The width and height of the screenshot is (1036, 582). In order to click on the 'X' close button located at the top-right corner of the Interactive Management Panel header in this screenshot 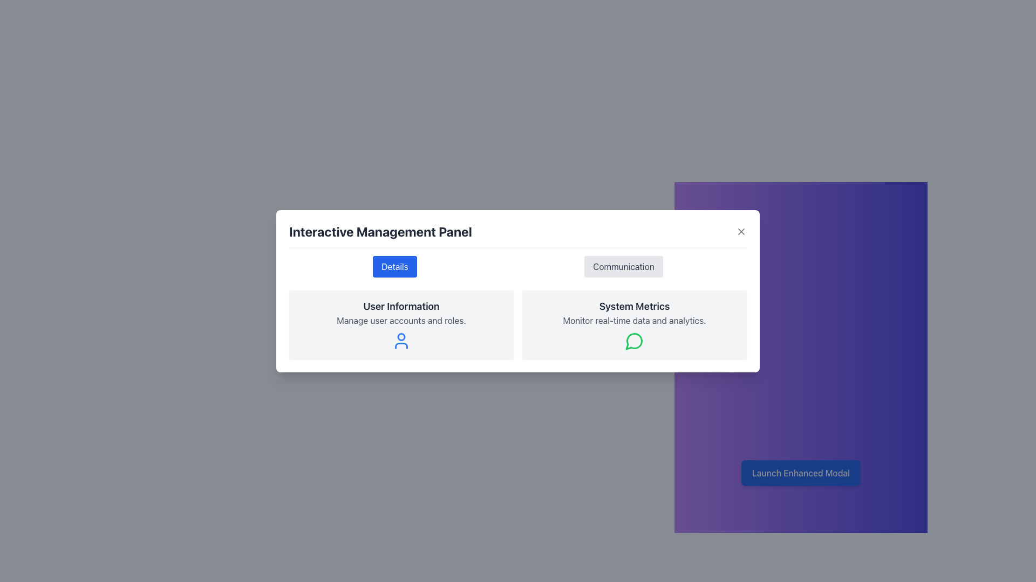, I will do `click(740, 231)`.